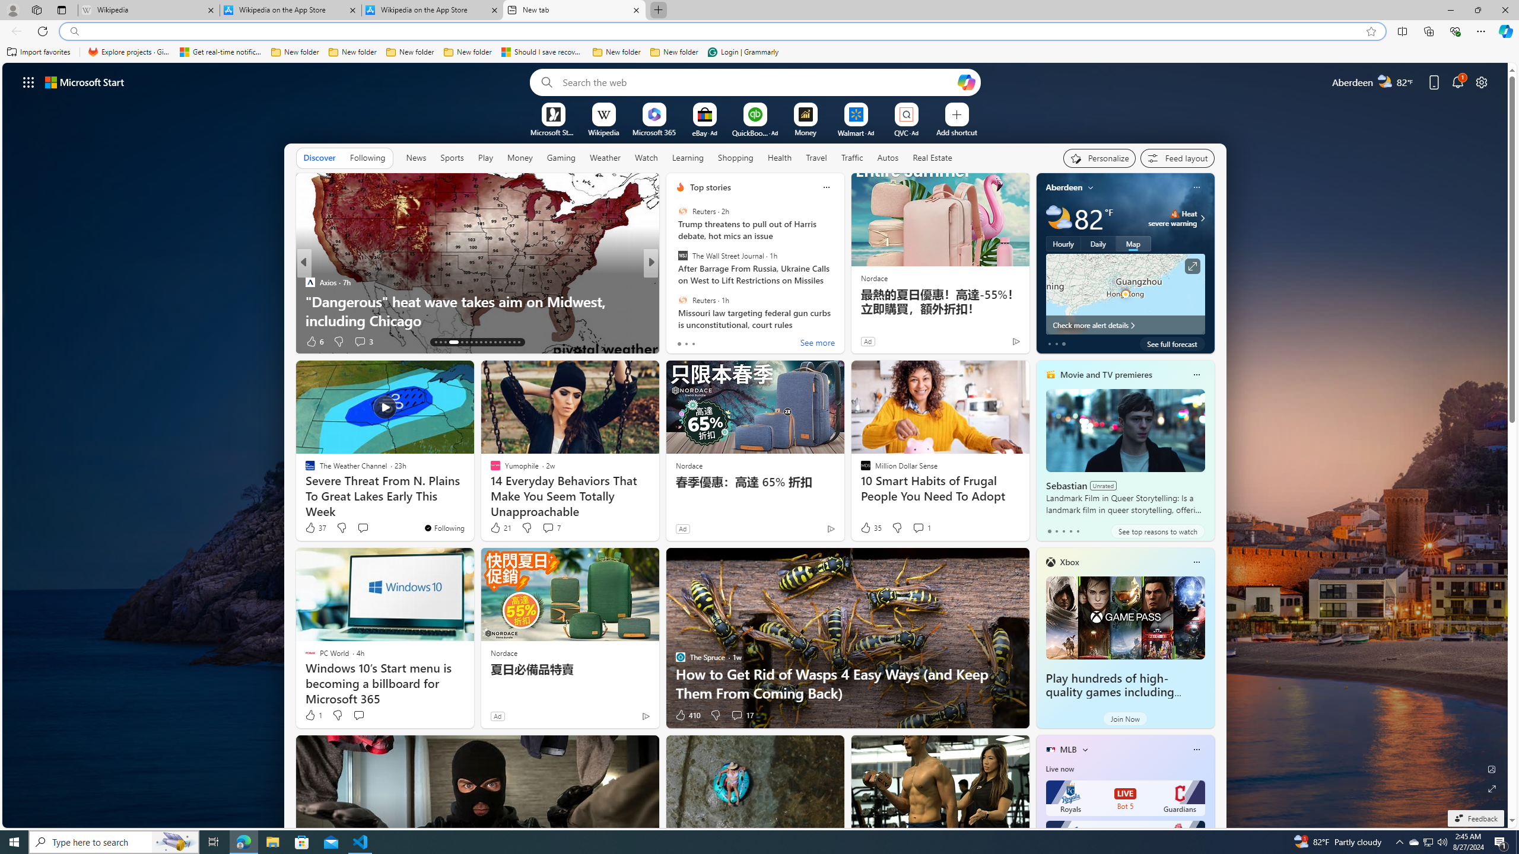 The width and height of the screenshot is (1519, 854). What do you see at coordinates (440, 342) in the screenshot?
I see `'AutomationID: tab-14'` at bounding box center [440, 342].